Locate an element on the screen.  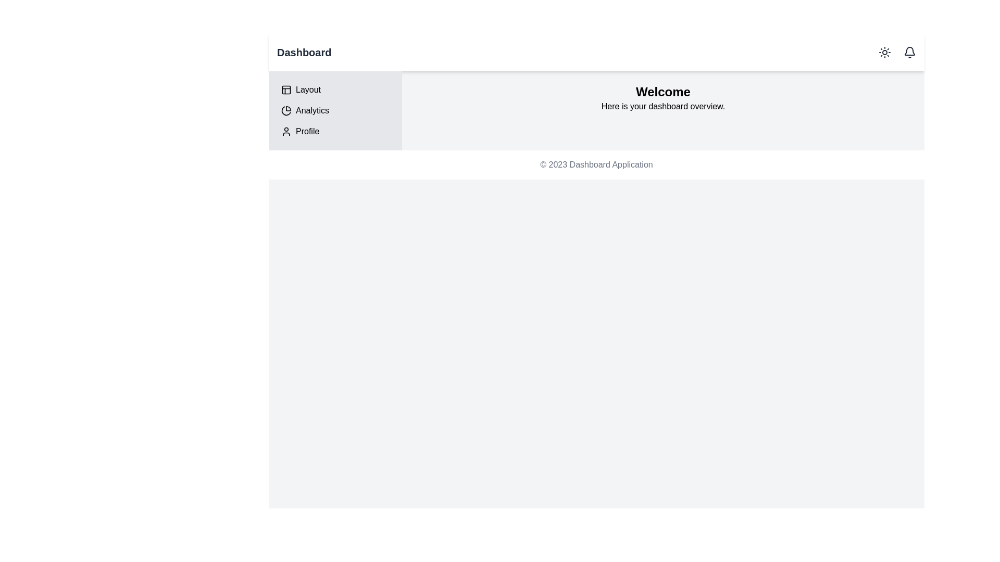
the Header text labeled 'Welcome', which is prominently displayed in bold and dark font at the top of the dashboard's main section is located at coordinates (662, 92).